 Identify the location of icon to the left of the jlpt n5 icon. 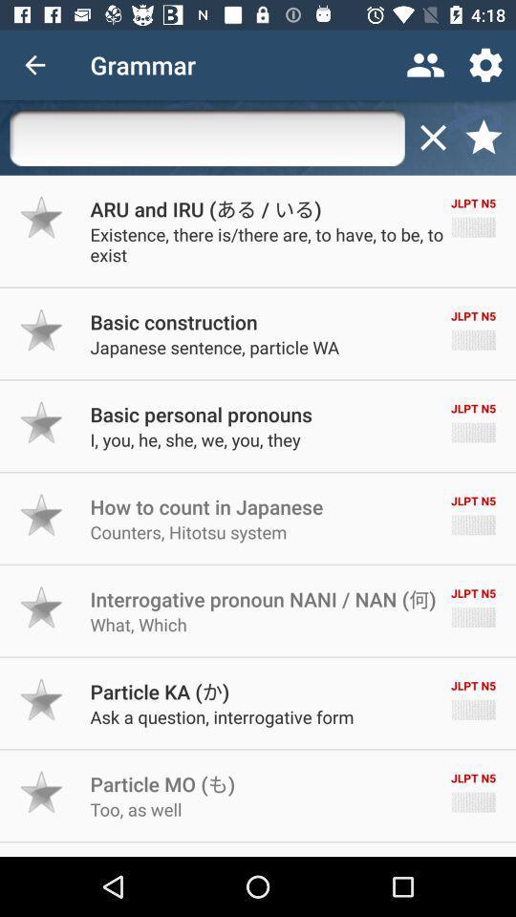
(174, 322).